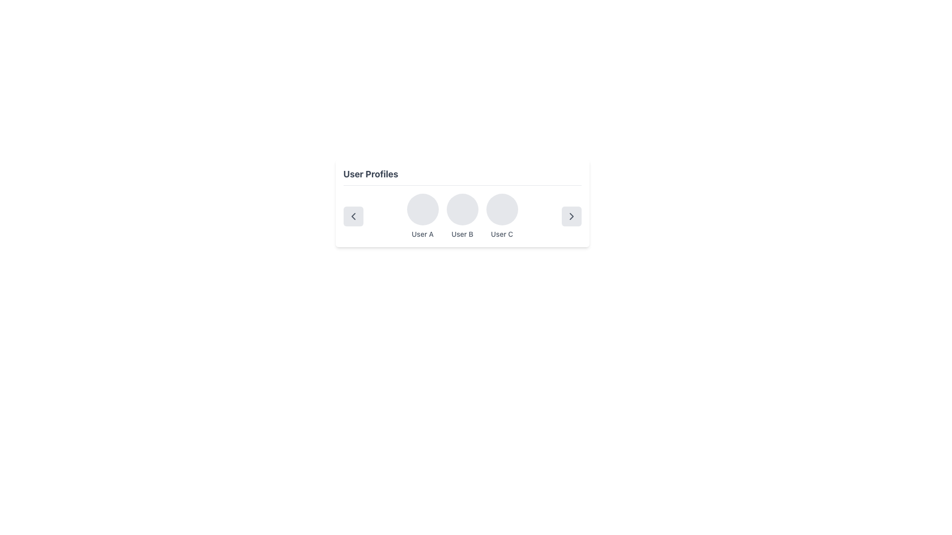 Image resolution: width=952 pixels, height=535 pixels. I want to click on the text label reading 'User Profiles', which is styled in bold and dark grey, located prominently at the top of the section, so click(370, 173).